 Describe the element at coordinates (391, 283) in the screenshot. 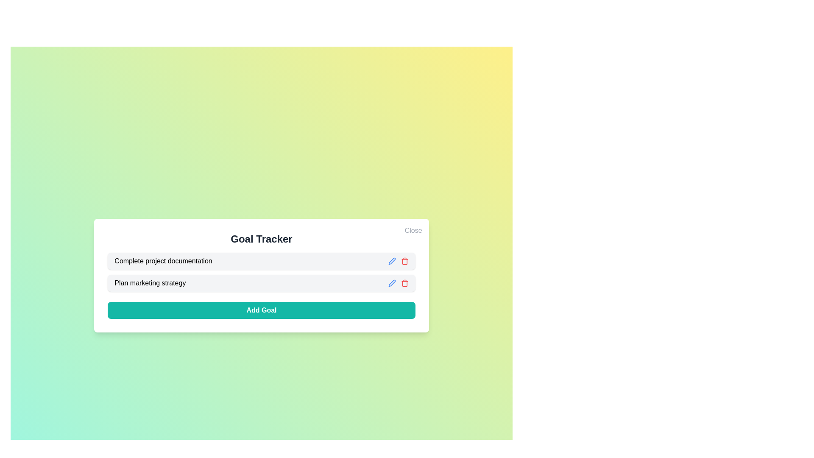

I see `the edit icon for the goal 'Plan marketing strategy'` at that location.